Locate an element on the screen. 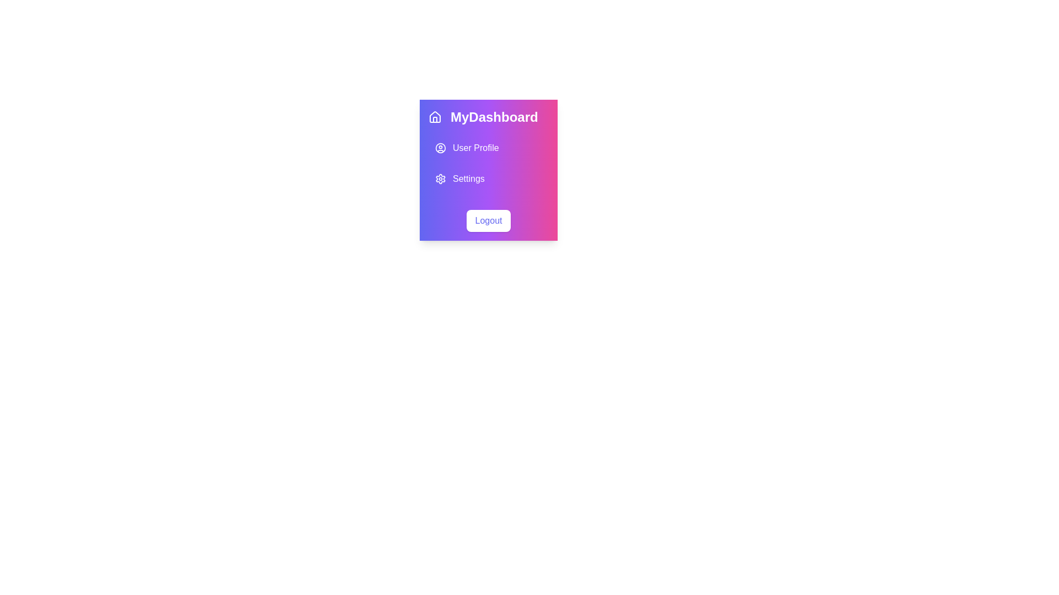 The width and height of the screenshot is (1059, 595). the outer circular outline of the user icon is located at coordinates (440, 148).